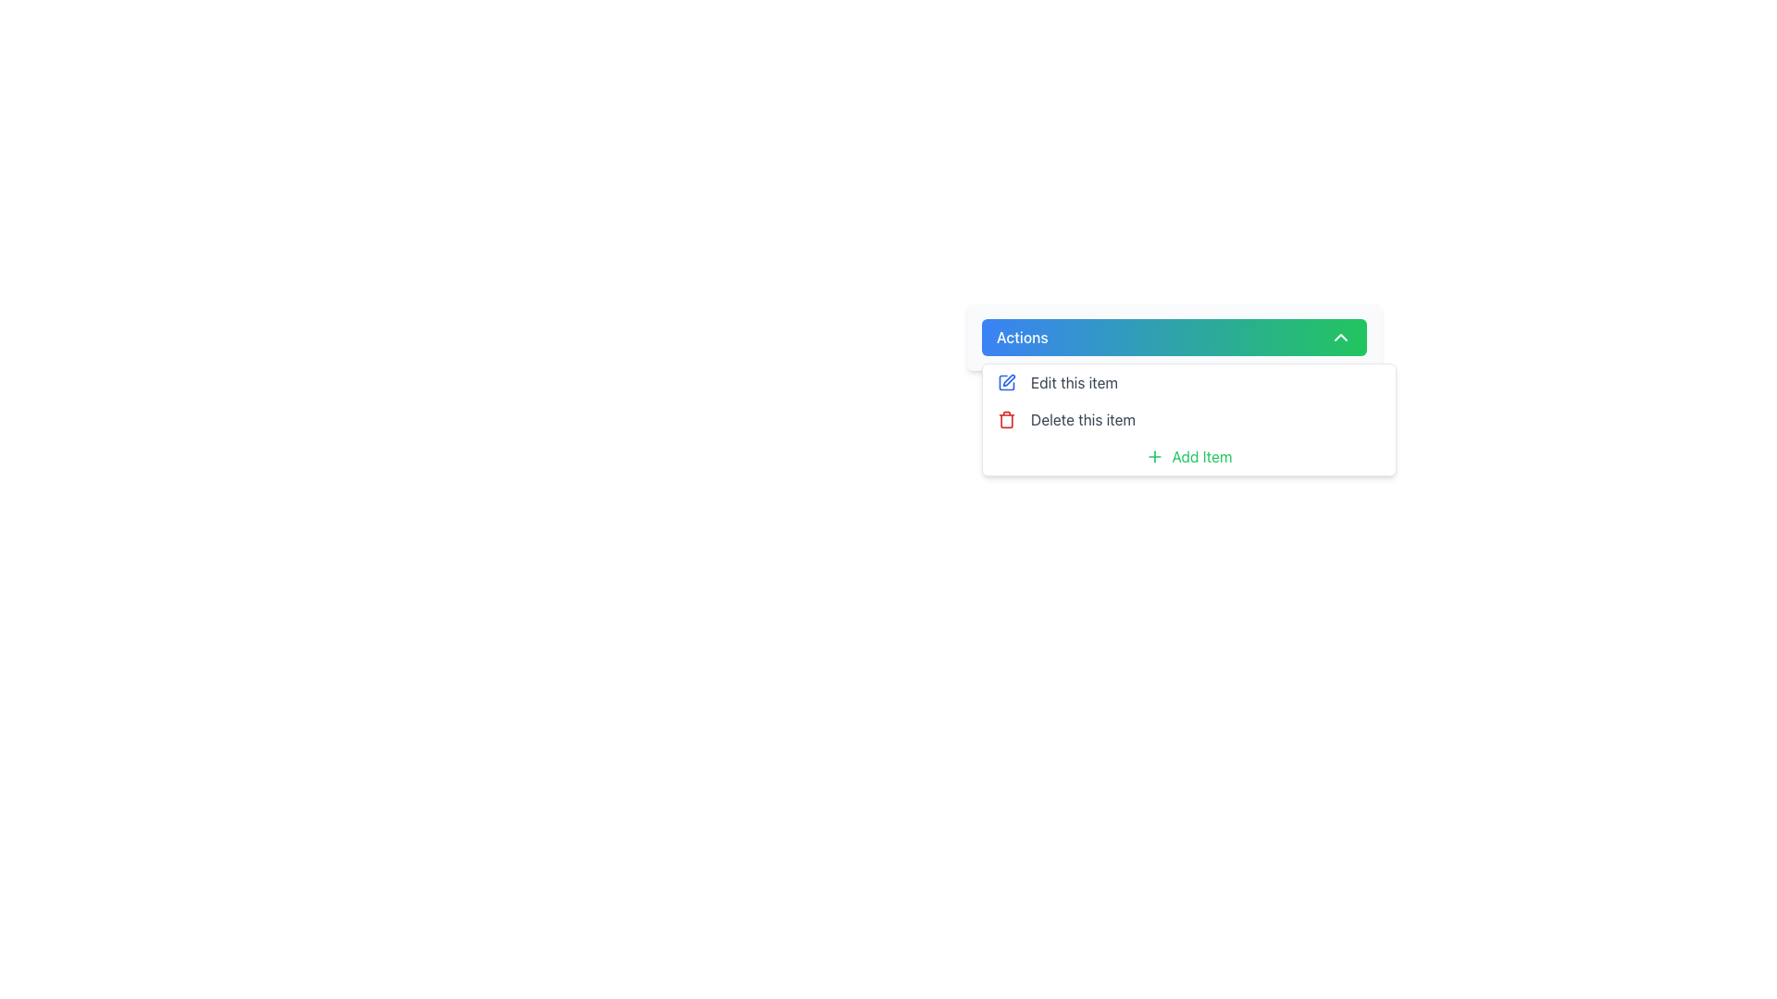 Image resolution: width=1777 pixels, height=999 pixels. Describe the element at coordinates (1006, 420) in the screenshot. I see `the red trash can icon button next to the 'Delete this item' label` at that location.